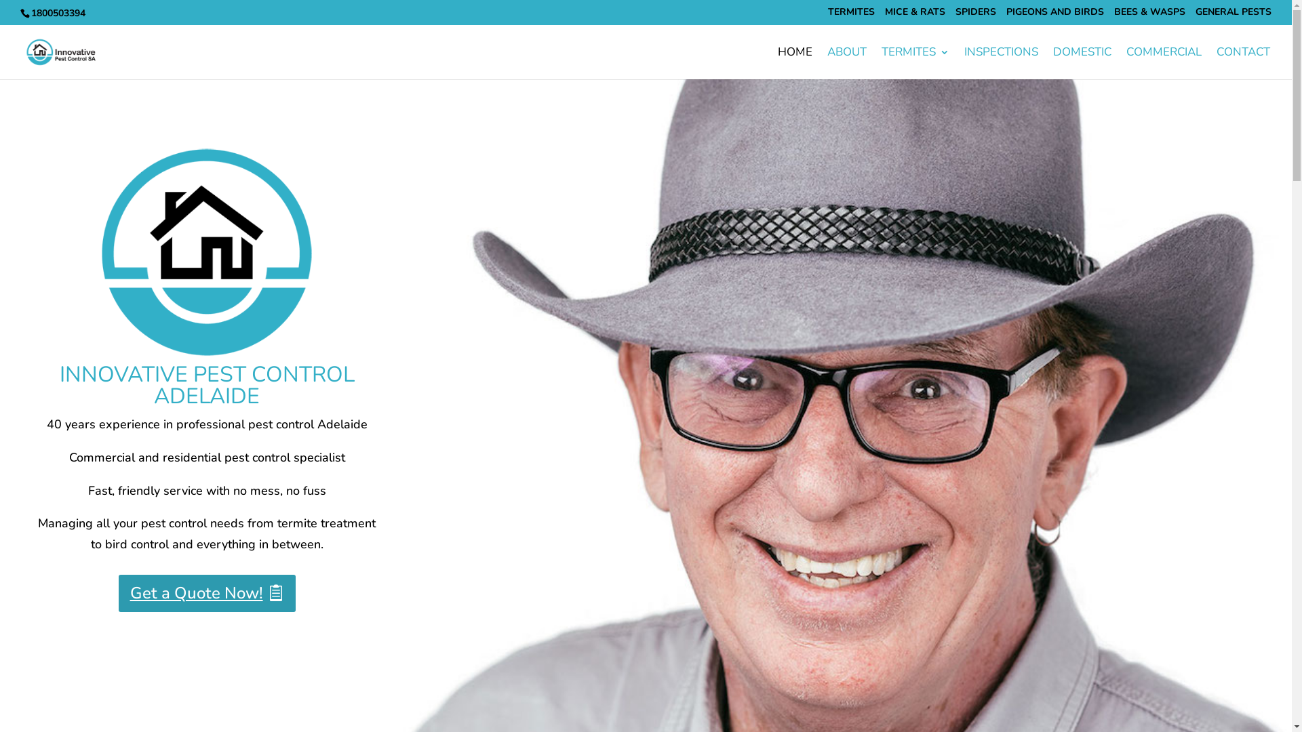 The image size is (1302, 732). What do you see at coordinates (1001, 63) in the screenshot?
I see `'INSPECTIONS'` at bounding box center [1001, 63].